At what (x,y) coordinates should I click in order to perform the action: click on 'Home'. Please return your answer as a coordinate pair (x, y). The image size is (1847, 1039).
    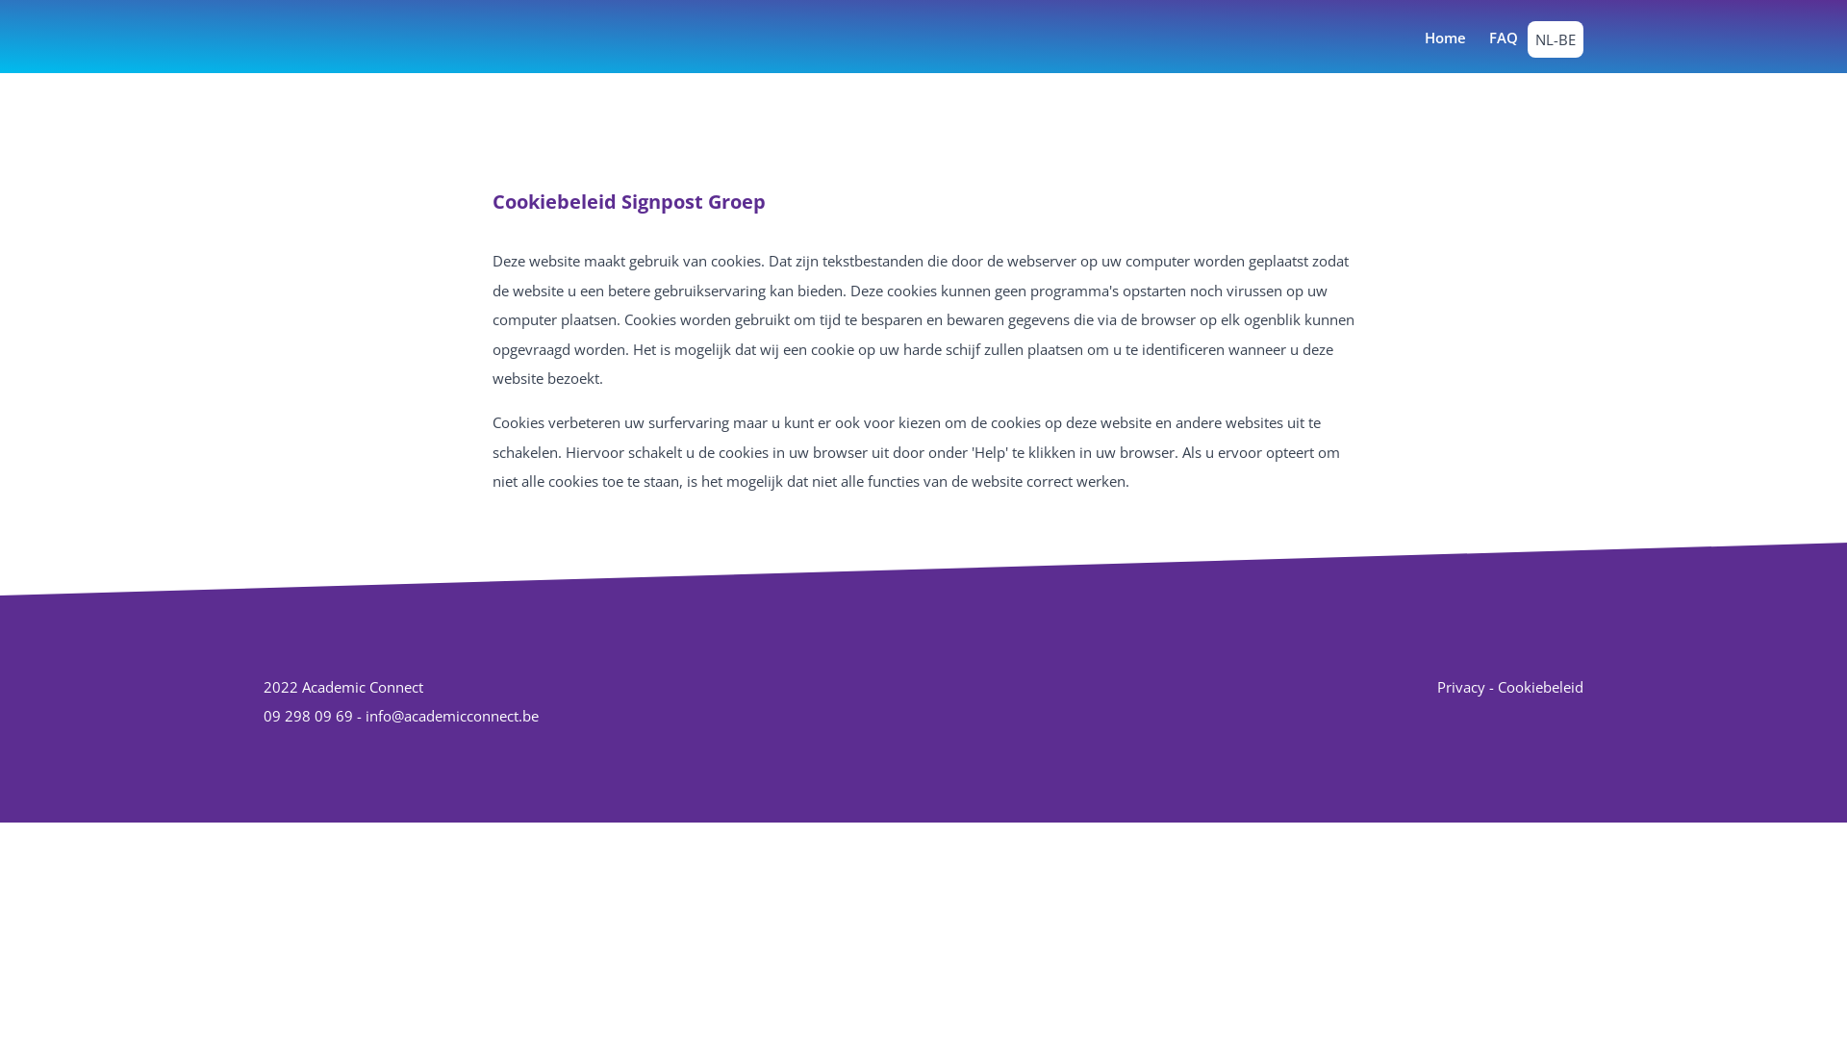
    Looking at the image, I should click on (1445, 38).